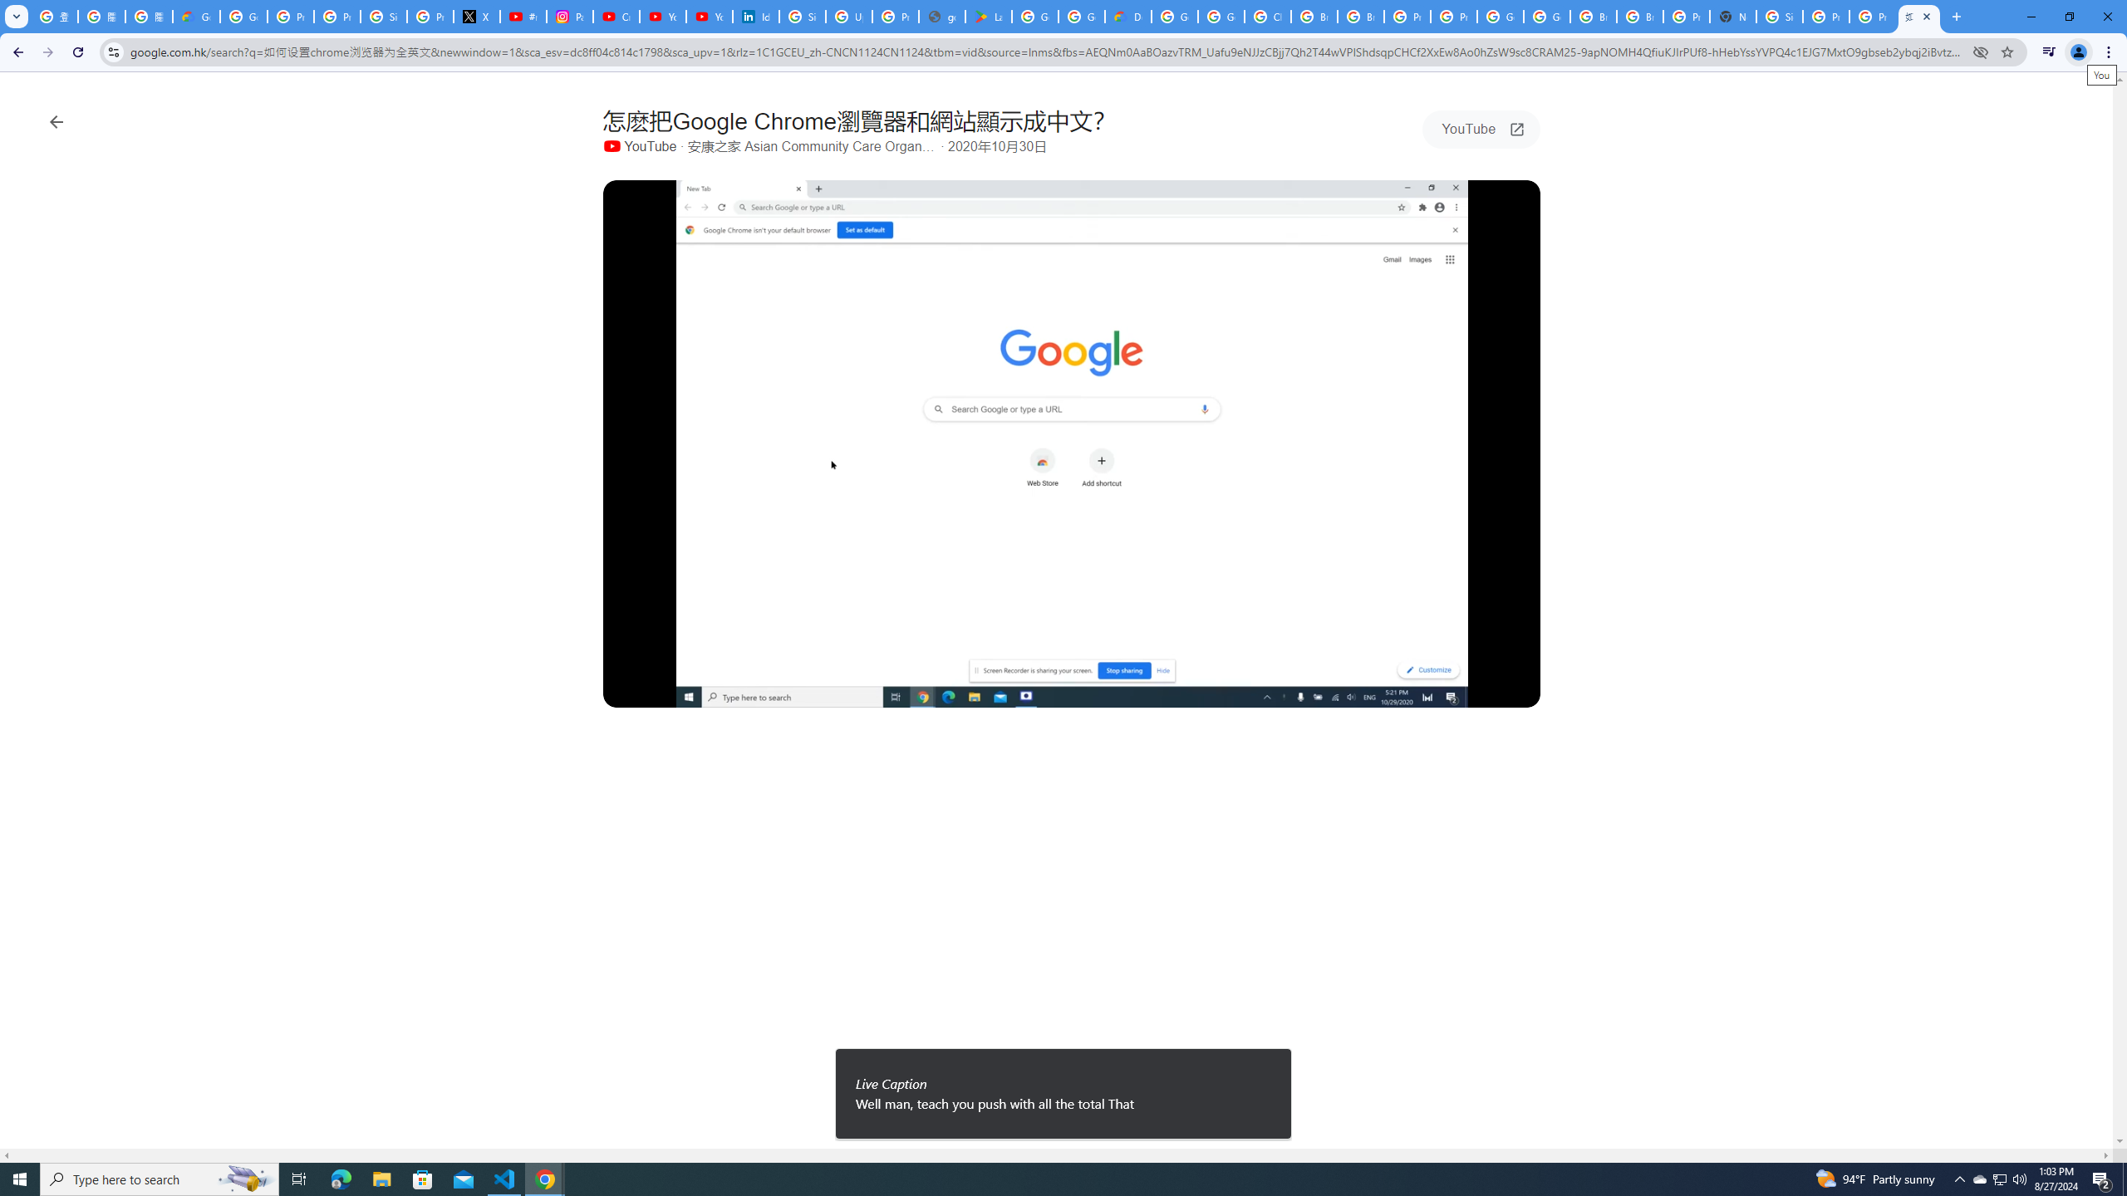 The height and width of the screenshot is (1196, 2127). Describe the element at coordinates (1547, 16) in the screenshot. I see `'Google Cloud Platform'` at that location.